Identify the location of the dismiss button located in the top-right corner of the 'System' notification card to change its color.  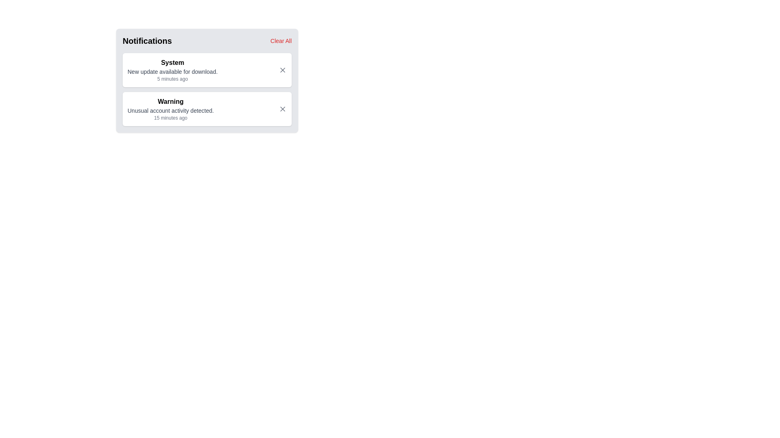
(283, 70).